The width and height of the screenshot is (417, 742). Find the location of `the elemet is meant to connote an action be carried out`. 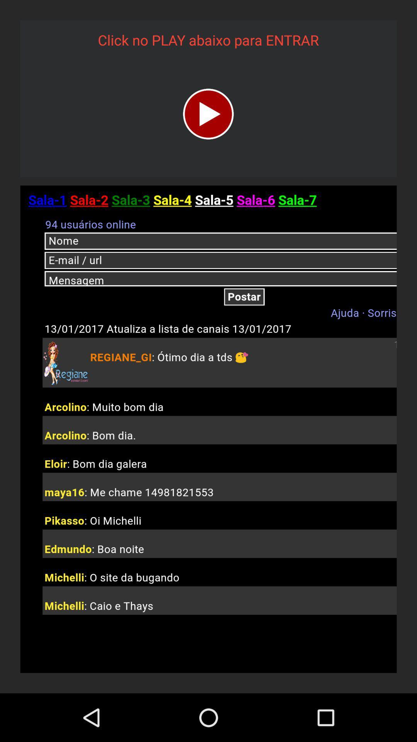

the elemet is meant to connote an action be carried out is located at coordinates (208, 114).